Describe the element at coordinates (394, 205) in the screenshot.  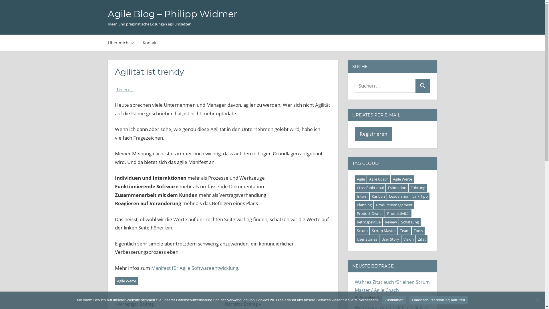
I see `'Productmanagement'` at that location.